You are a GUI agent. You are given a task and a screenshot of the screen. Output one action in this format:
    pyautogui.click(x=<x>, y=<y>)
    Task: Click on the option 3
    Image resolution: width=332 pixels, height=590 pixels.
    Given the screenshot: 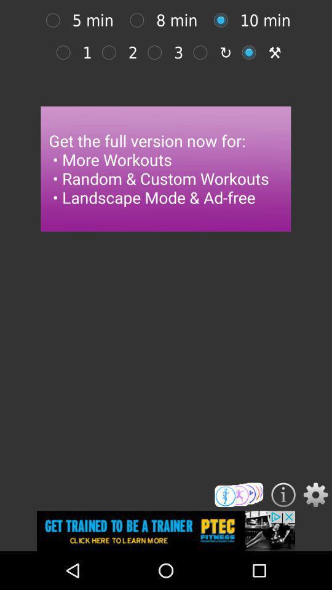 What is the action you would take?
    pyautogui.click(x=157, y=52)
    